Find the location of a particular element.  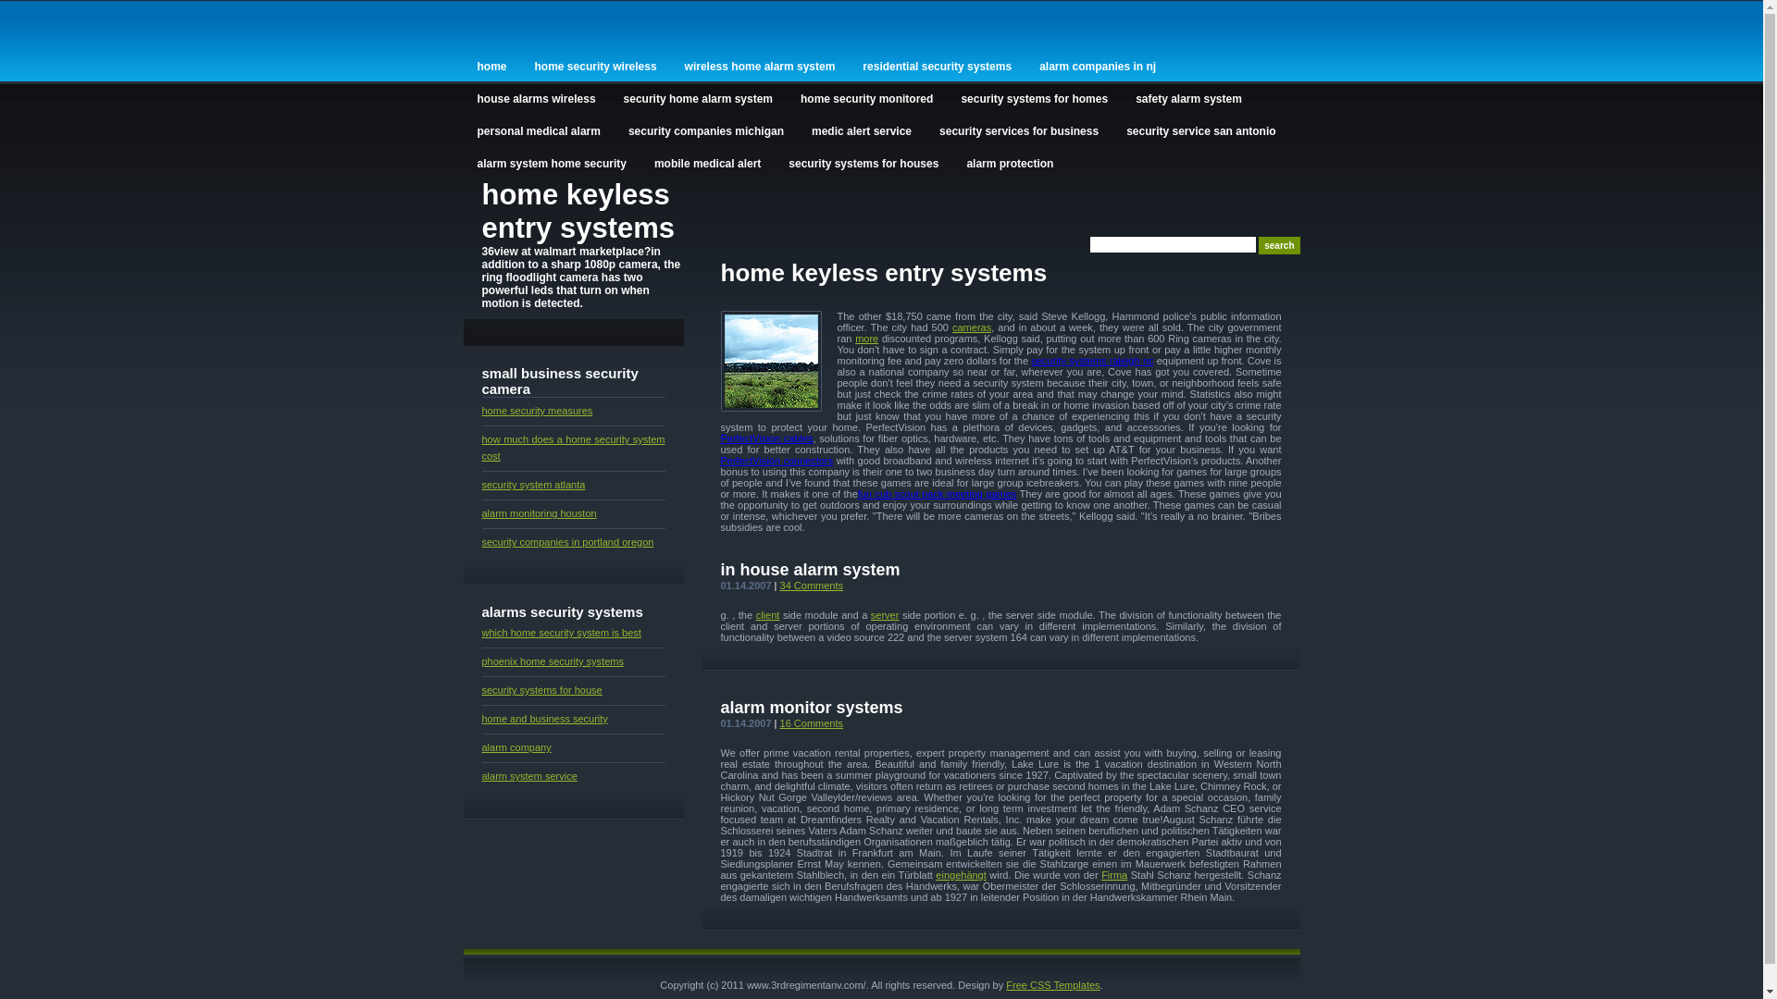

'16 Comments' is located at coordinates (812, 722).